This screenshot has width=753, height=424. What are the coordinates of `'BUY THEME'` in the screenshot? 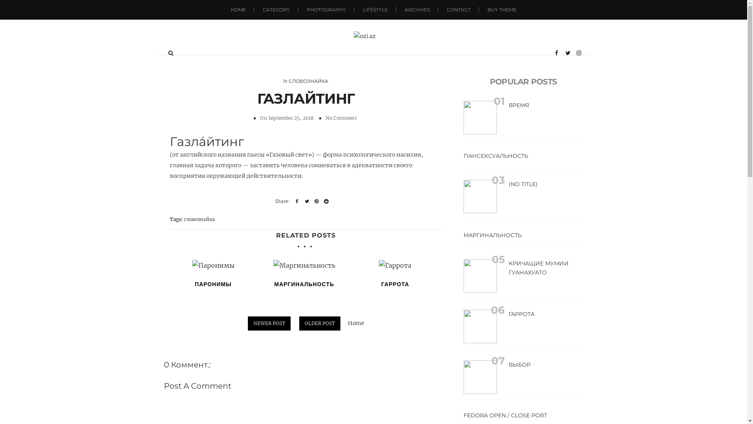 It's located at (502, 9).